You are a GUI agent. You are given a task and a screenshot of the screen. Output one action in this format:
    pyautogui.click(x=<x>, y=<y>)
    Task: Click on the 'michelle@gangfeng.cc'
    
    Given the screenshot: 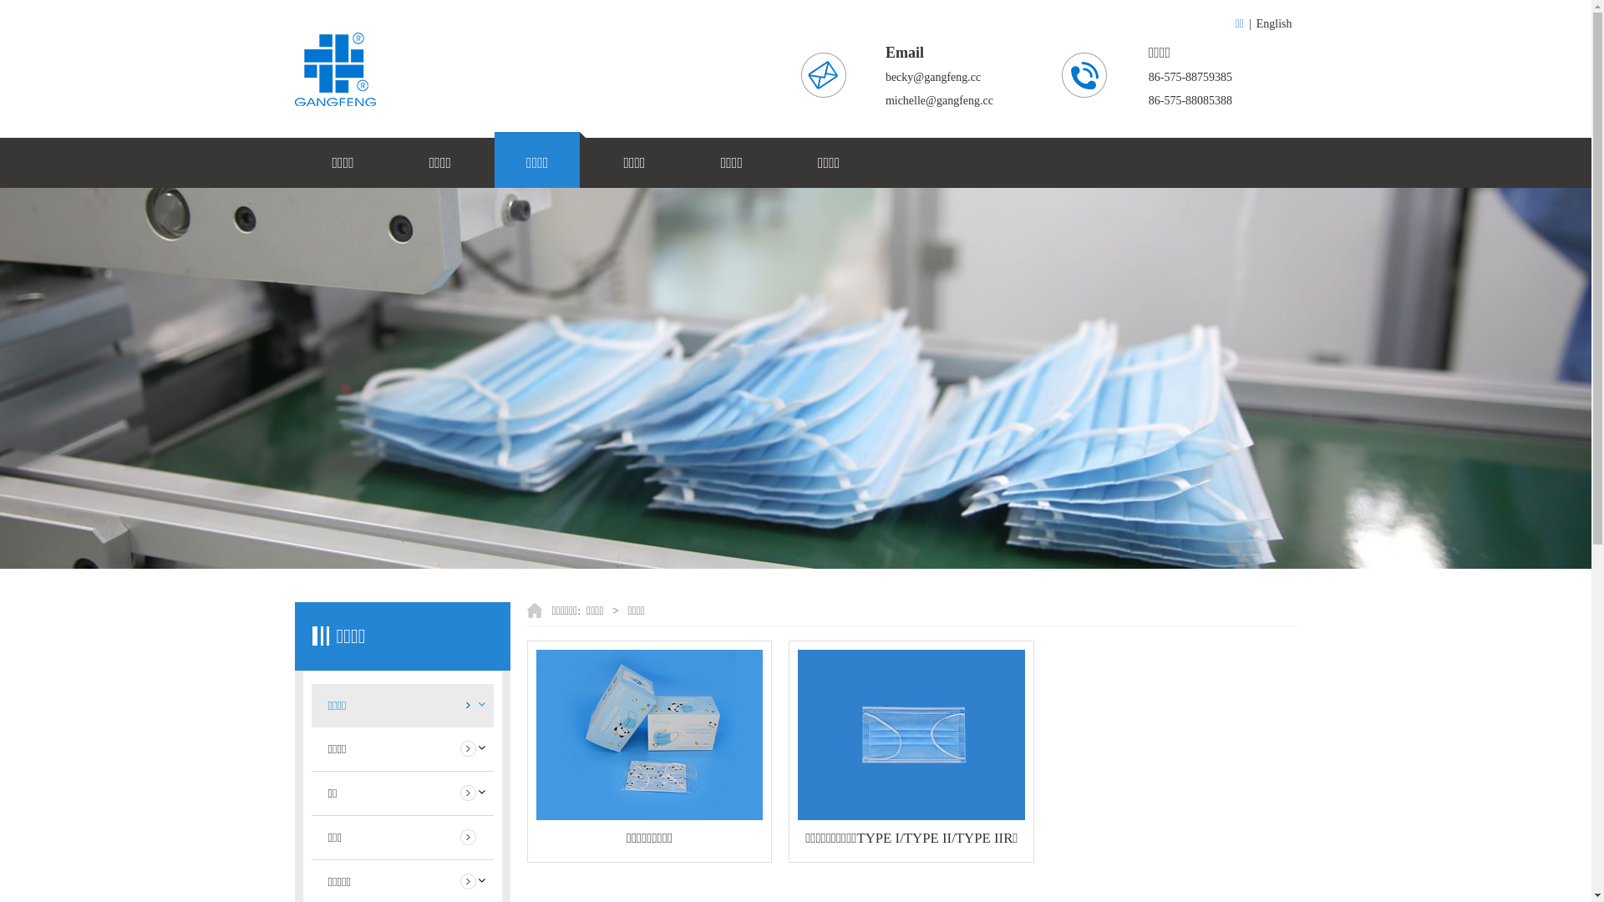 What is the action you would take?
    pyautogui.click(x=885, y=100)
    